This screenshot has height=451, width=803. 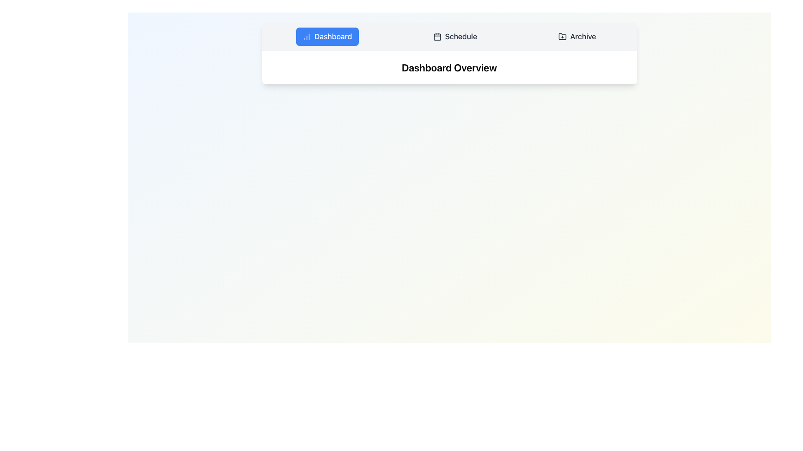 What do you see at coordinates (437, 36) in the screenshot?
I see `the calendar icon located to the left of the 'Schedule' text in the upper center of the interface` at bounding box center [437, 36].